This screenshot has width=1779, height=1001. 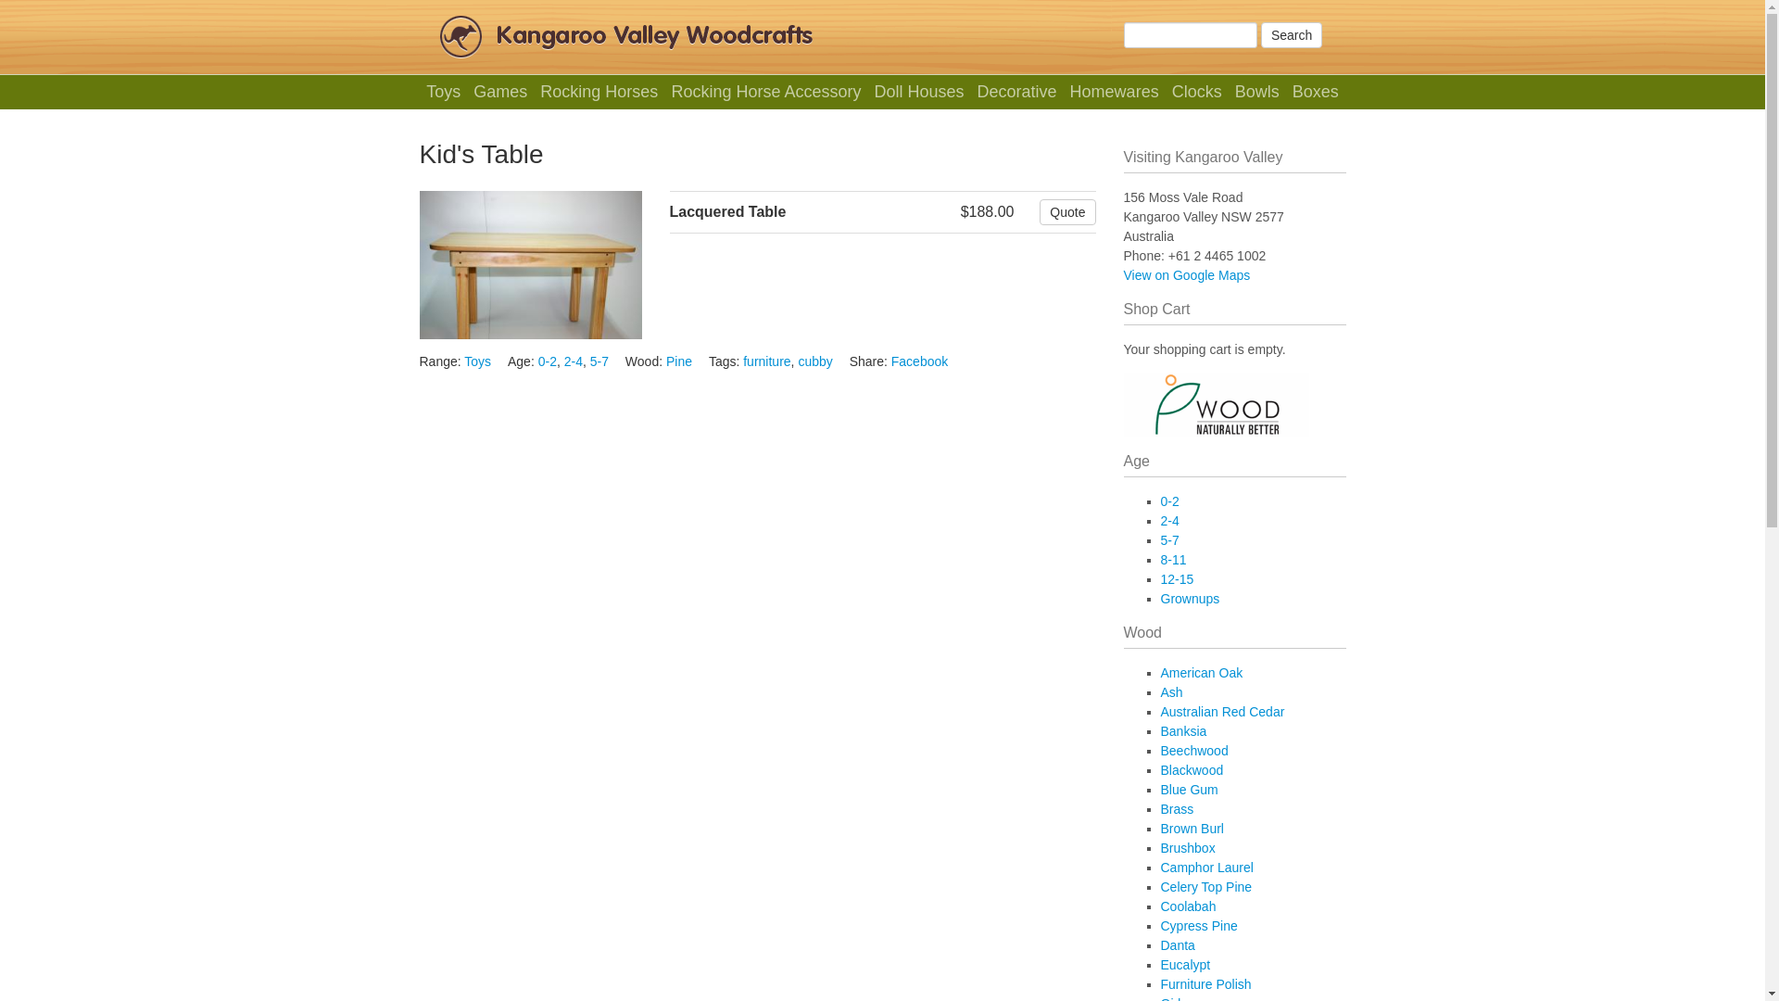 I want to click on 'Celery Top Pine', so click(x=1159, y=885).